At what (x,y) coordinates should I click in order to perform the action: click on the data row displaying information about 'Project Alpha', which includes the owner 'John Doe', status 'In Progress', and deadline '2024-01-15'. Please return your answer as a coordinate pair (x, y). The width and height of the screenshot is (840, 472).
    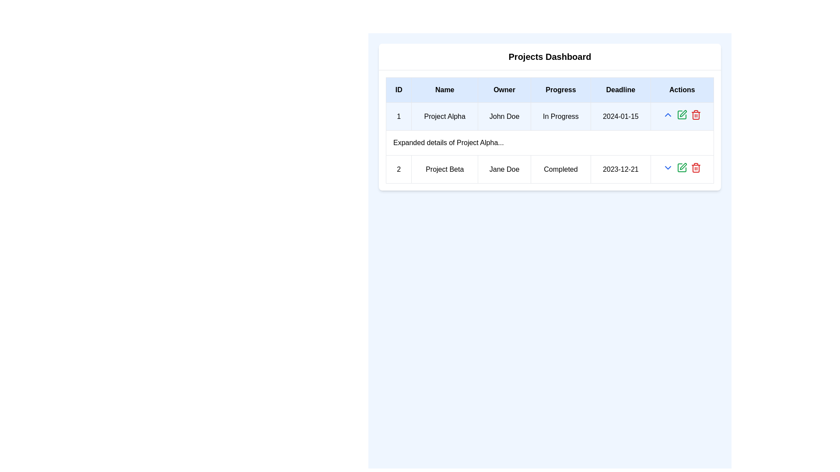
    Looking at the image, I should click on (549, 142).